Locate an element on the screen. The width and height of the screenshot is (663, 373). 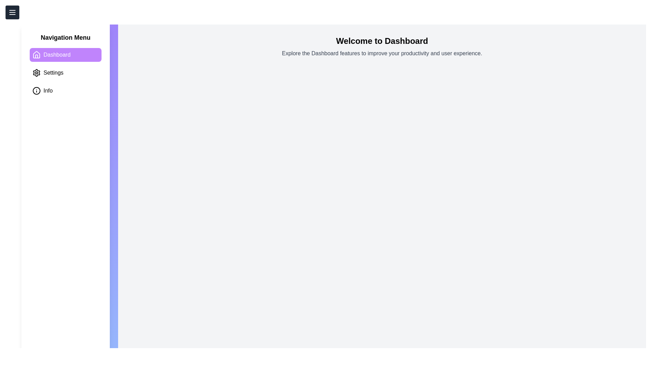
the menu button to toggle the menu visibility is located at coordinates (12, 12).